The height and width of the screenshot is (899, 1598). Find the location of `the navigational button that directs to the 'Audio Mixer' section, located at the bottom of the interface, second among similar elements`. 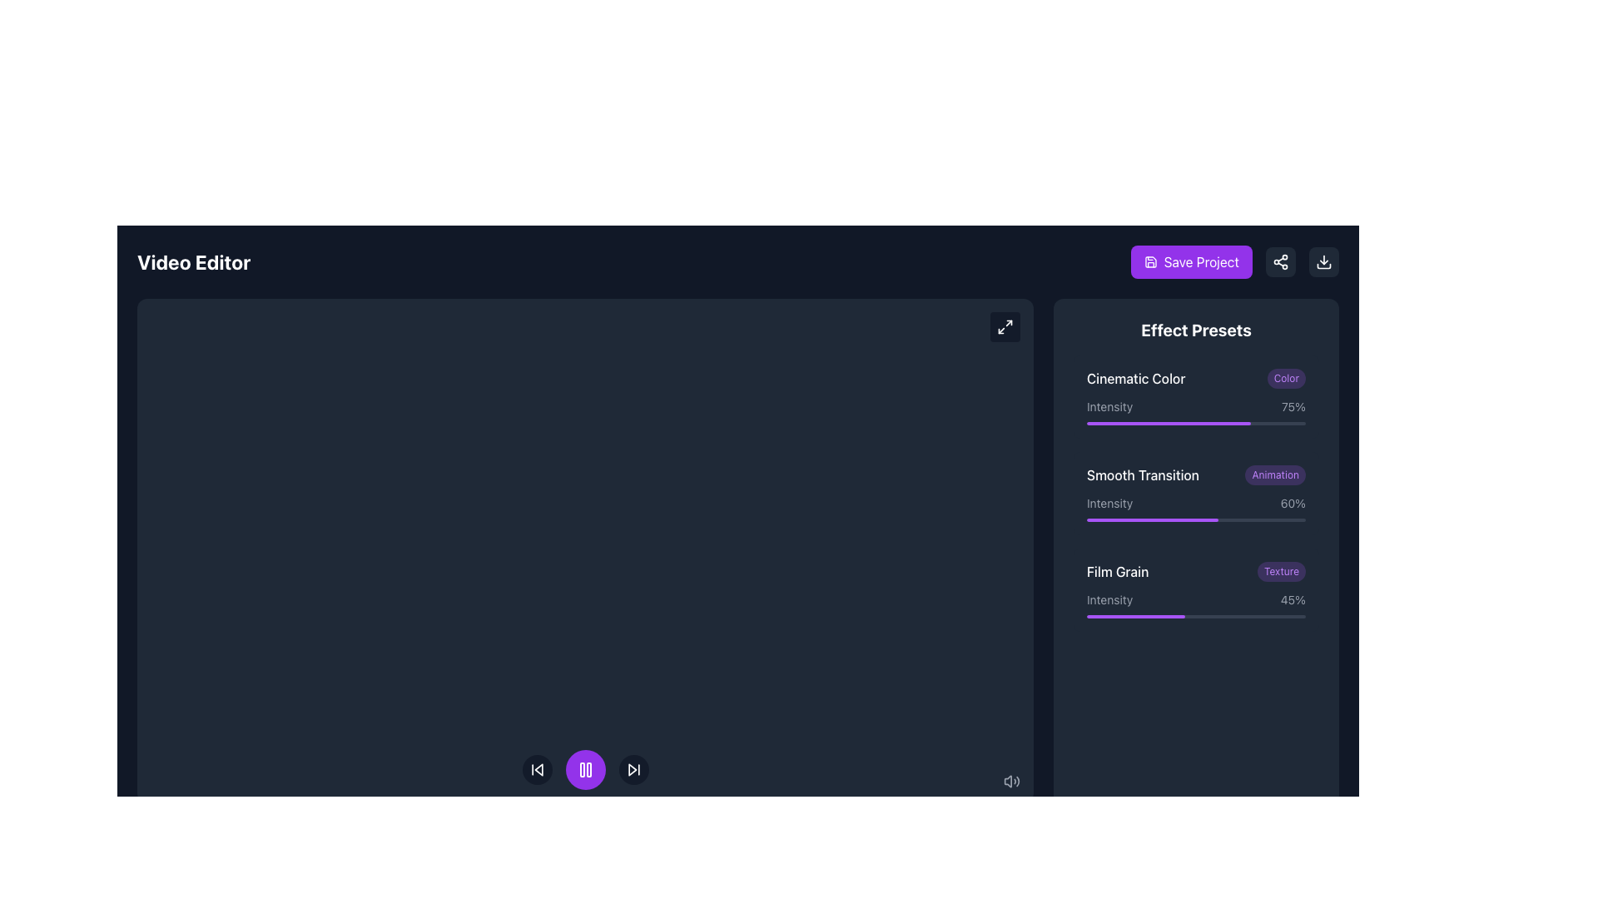

the navigational button that directs to the 'Audio Mixer' section, located at the bottom of the interface, second among similar elements is located at coordinates (353, 859).